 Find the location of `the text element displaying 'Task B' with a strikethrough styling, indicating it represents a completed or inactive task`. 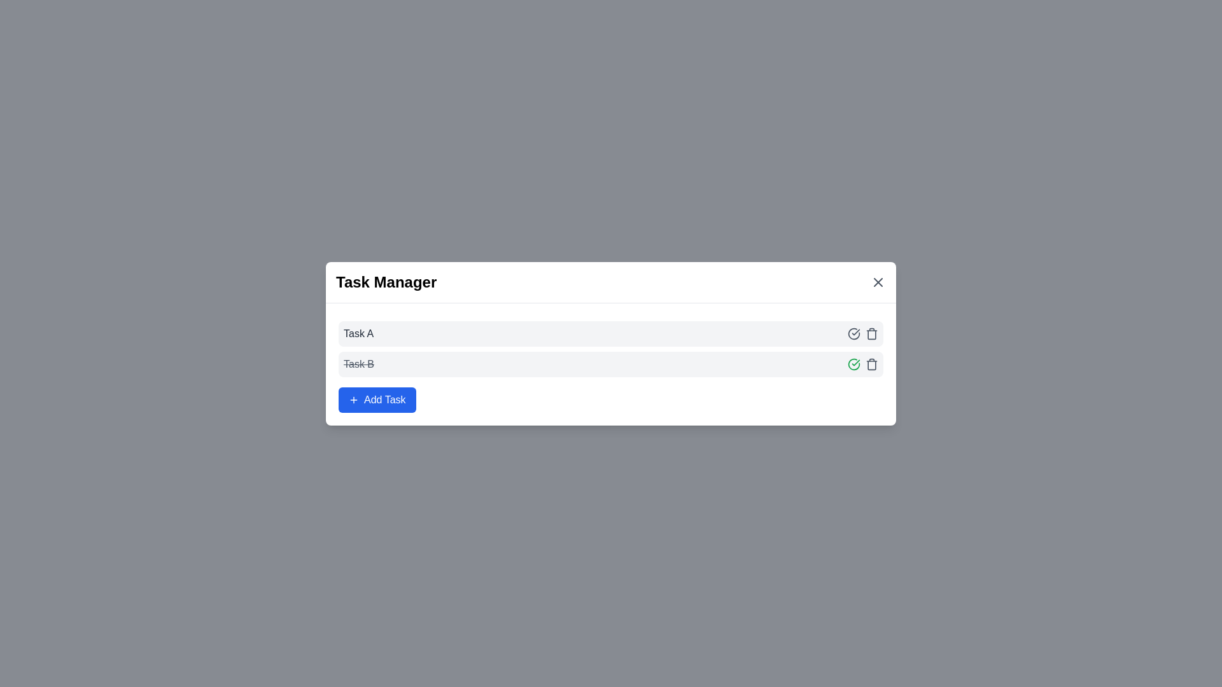

the text element displaying 'Task B' with a strikethrough styling, indicating it represents a completed or inactive task is located at coordinates (358, 364).